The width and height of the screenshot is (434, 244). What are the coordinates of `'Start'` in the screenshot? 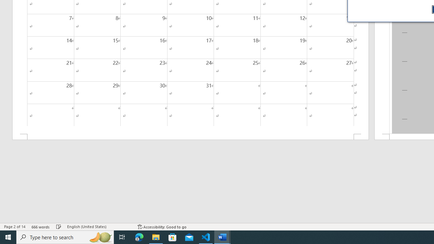 It's located at (8, 237).